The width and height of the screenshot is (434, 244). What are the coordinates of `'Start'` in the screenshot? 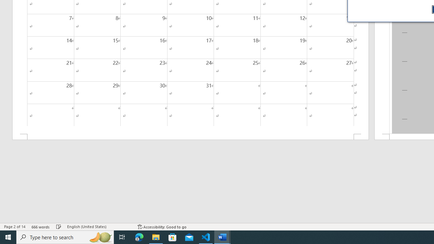 It's located at (8, 237).